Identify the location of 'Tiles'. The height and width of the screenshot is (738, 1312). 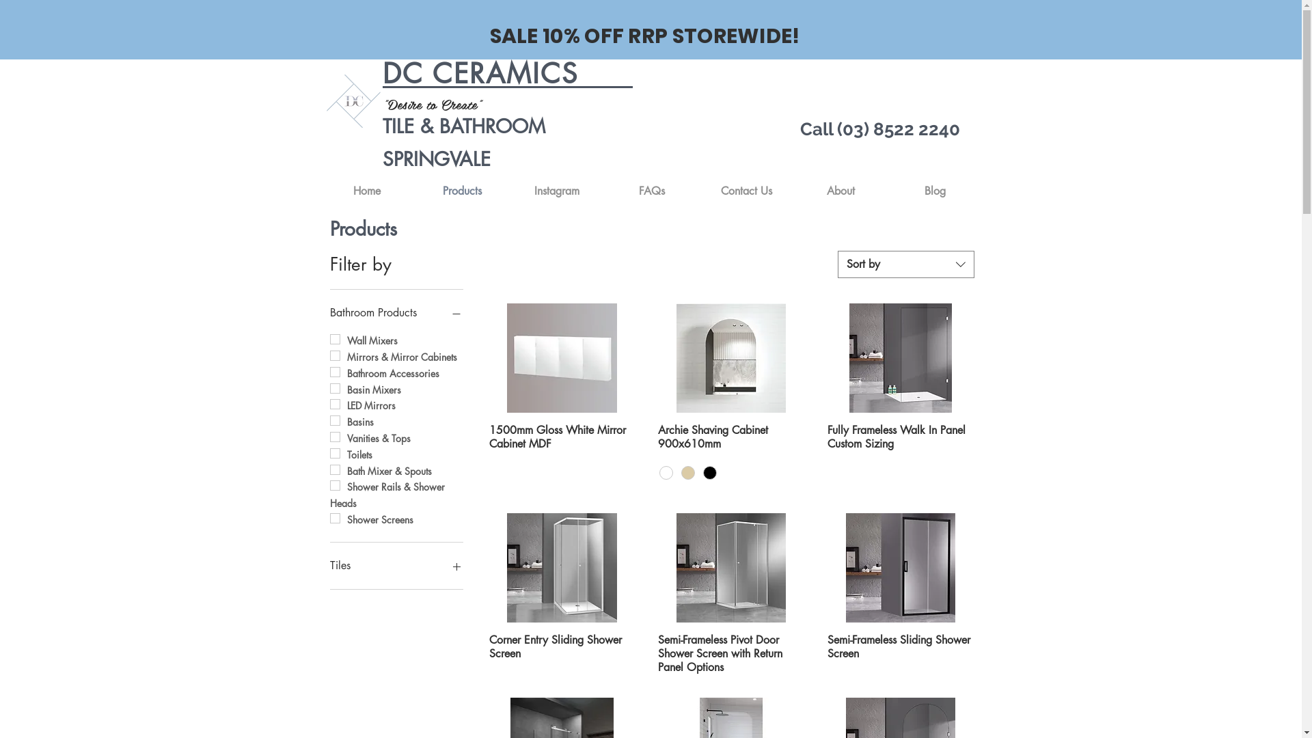
(395, 566).